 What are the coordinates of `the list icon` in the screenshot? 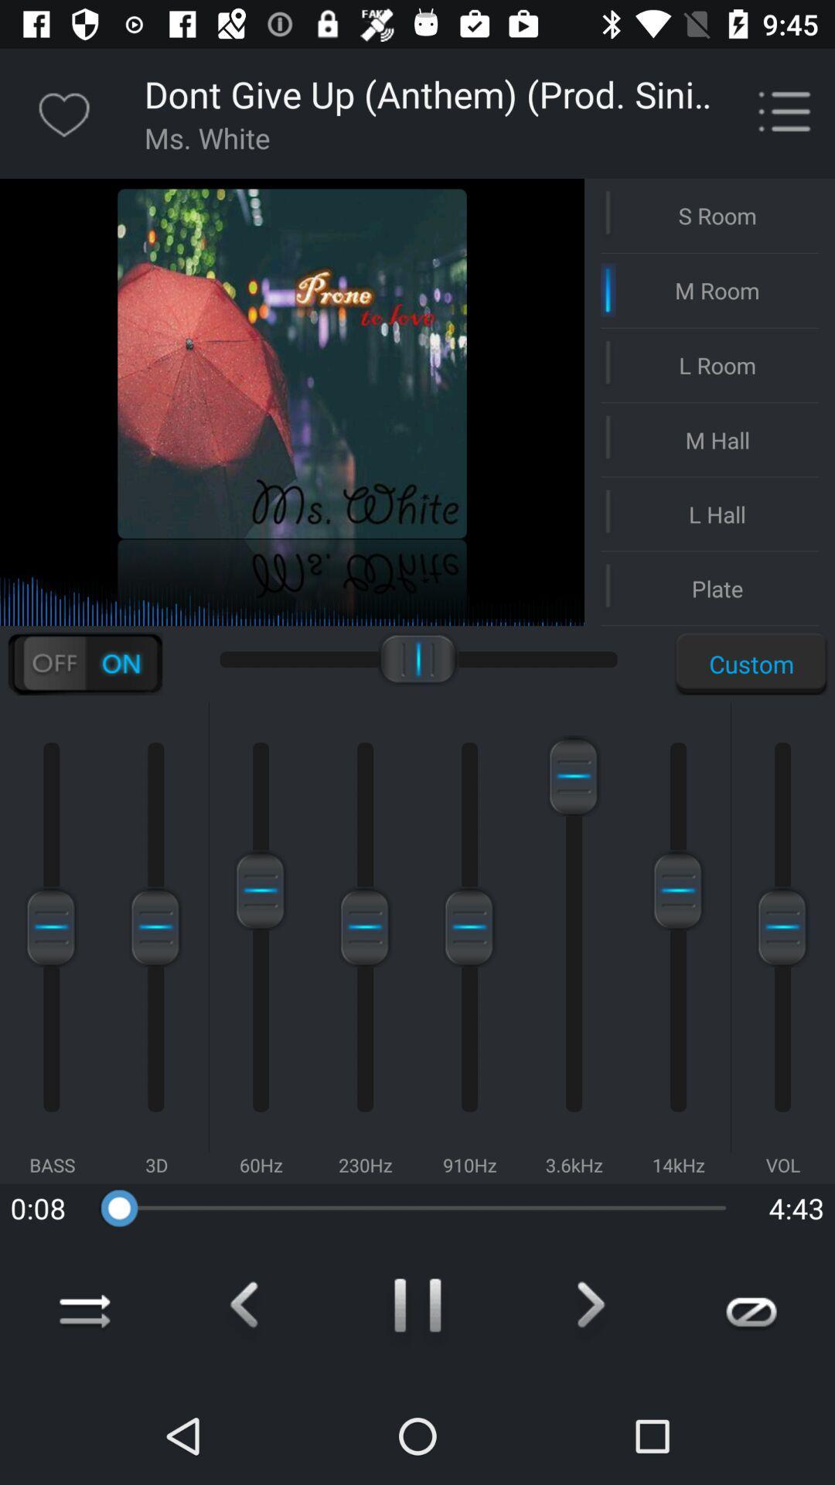 It's located at (778, 104).